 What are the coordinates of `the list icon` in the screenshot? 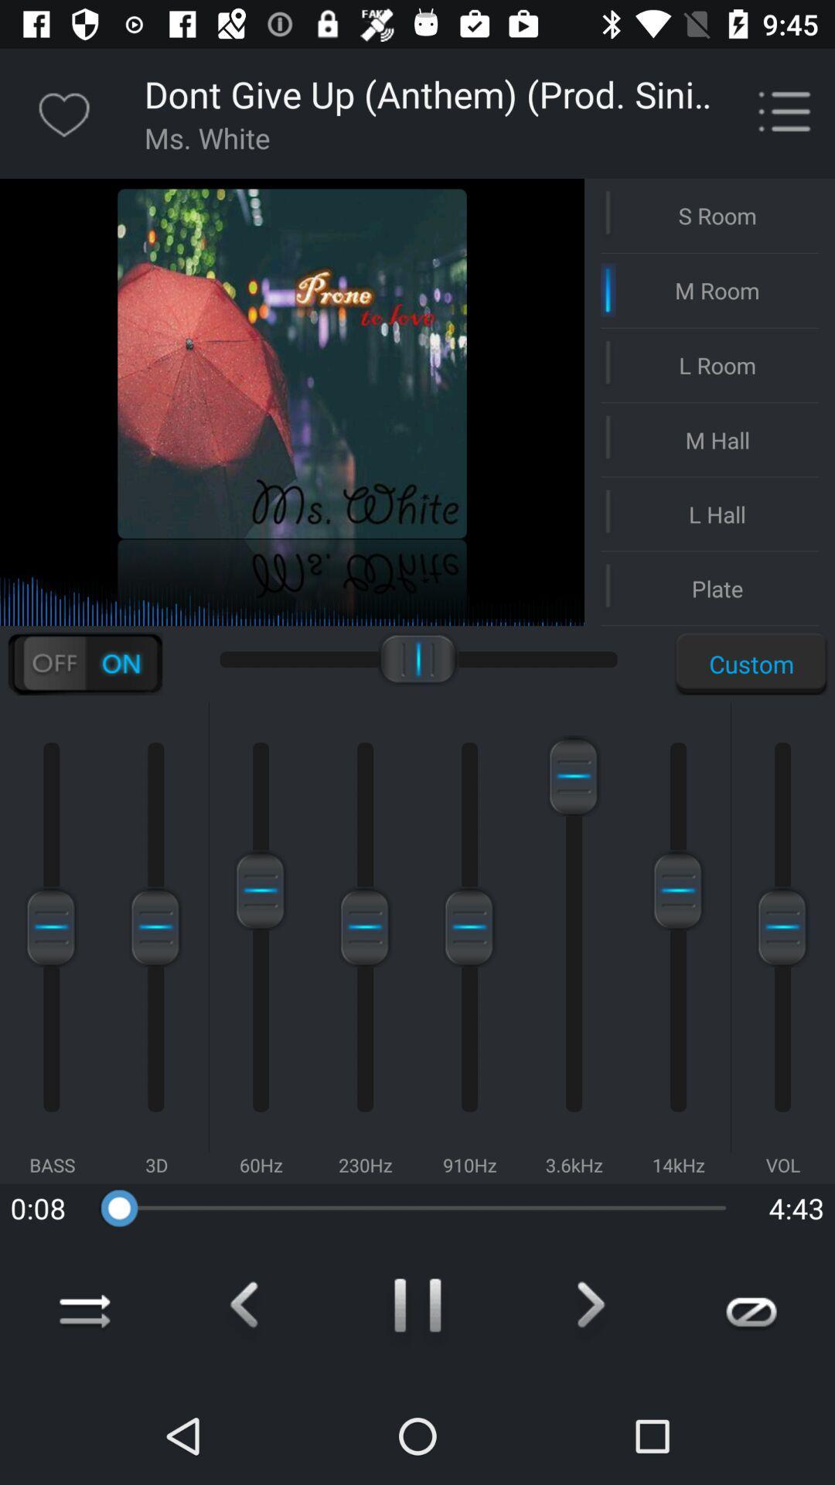 It's located at (778, 104).